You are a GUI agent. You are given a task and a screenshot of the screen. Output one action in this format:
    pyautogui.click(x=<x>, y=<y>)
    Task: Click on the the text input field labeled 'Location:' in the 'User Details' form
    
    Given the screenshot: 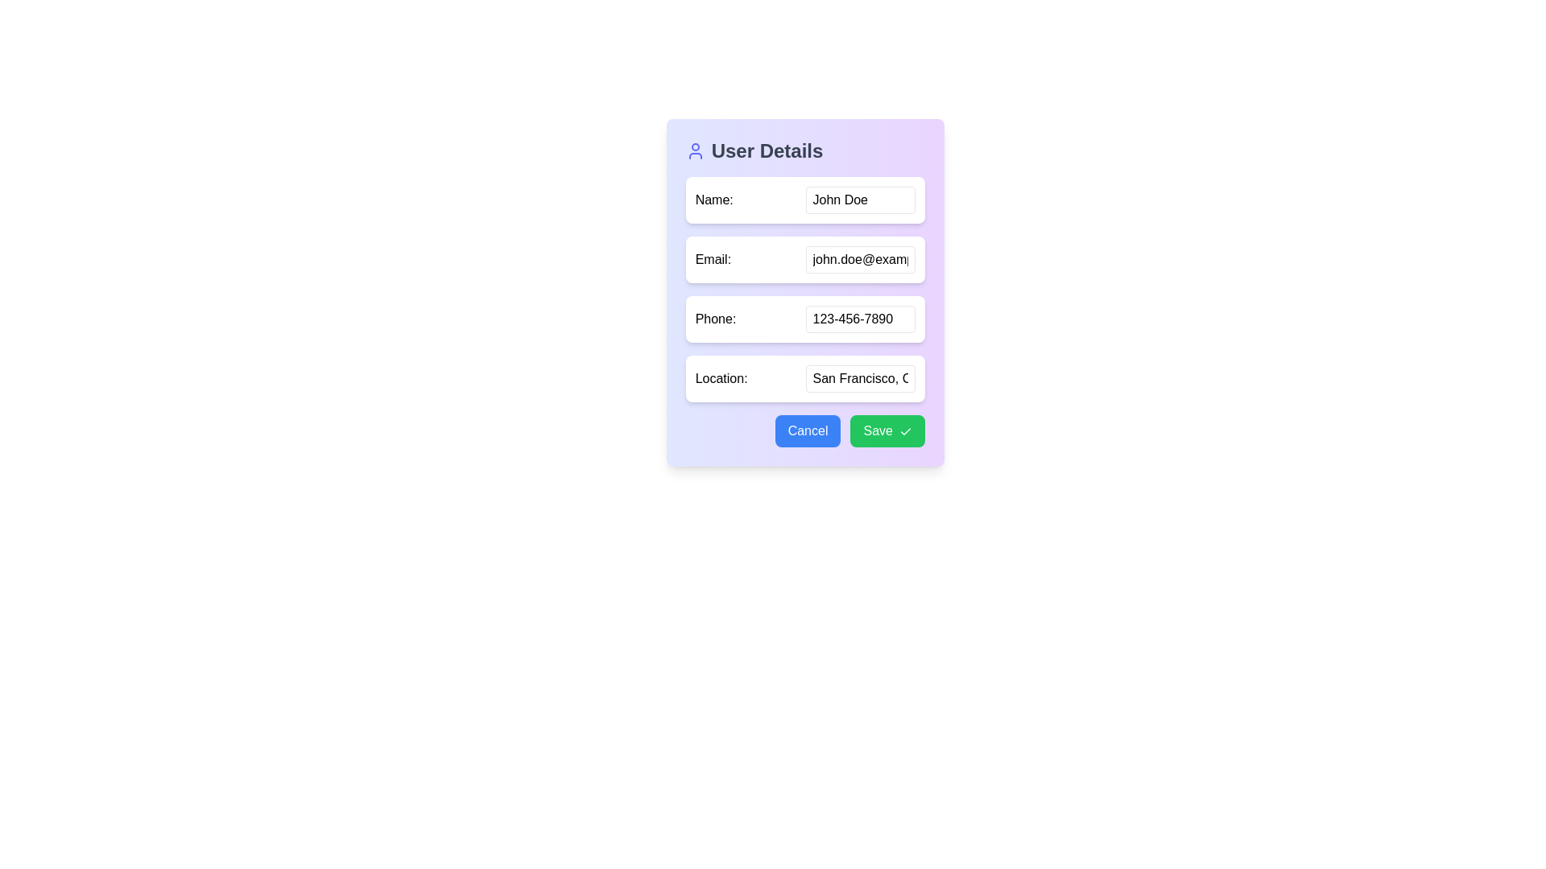 What is the action you would take?
    pyautogui.click(x=859, y=378)
    